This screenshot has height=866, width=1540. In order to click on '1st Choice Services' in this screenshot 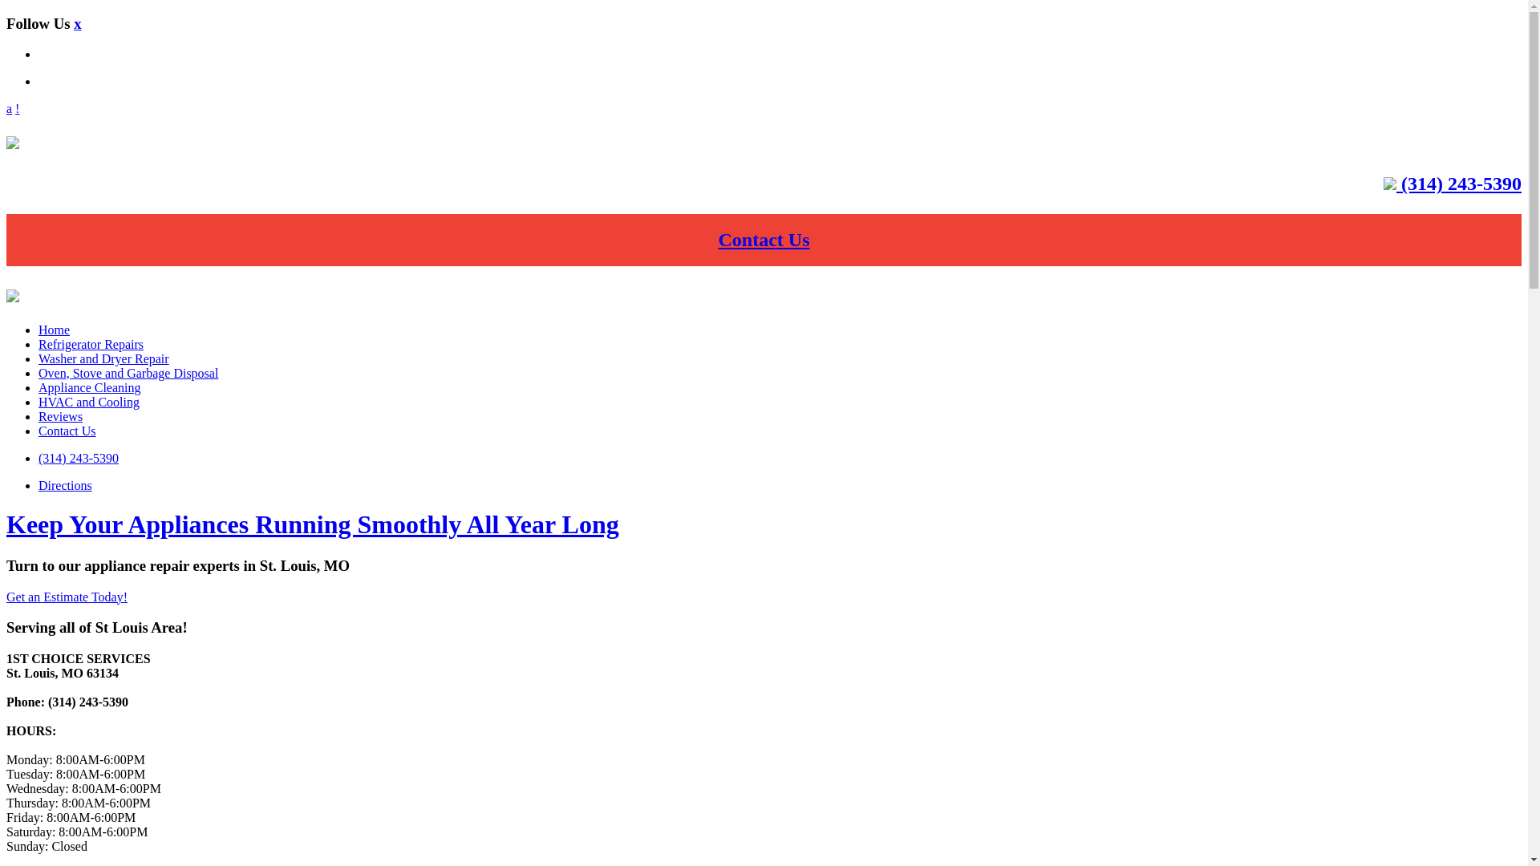, I will do `click(12, 296)`.